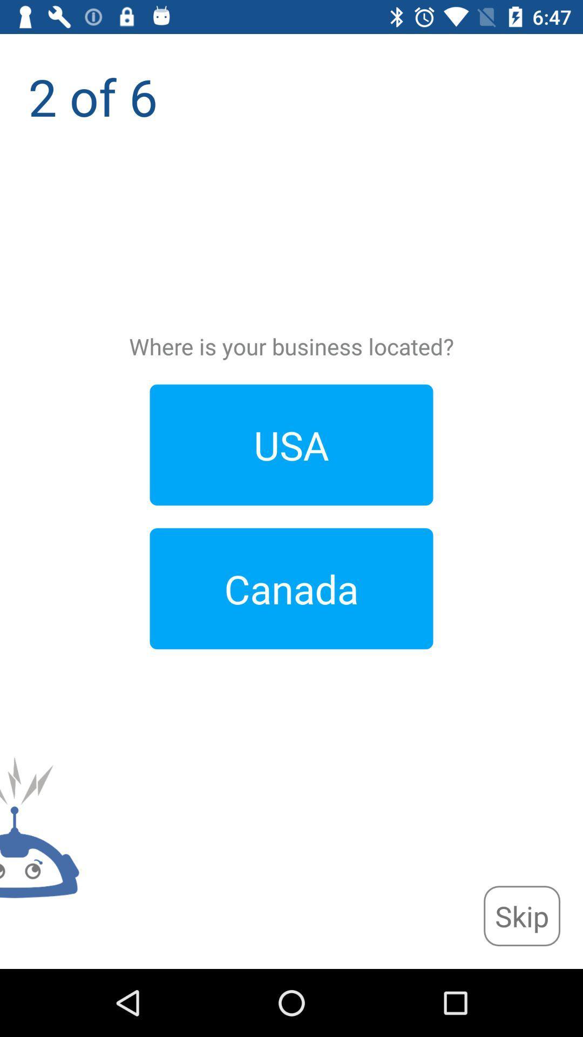 The image size is (583, 1037). I want to click on the canada item, so click(291, 588).